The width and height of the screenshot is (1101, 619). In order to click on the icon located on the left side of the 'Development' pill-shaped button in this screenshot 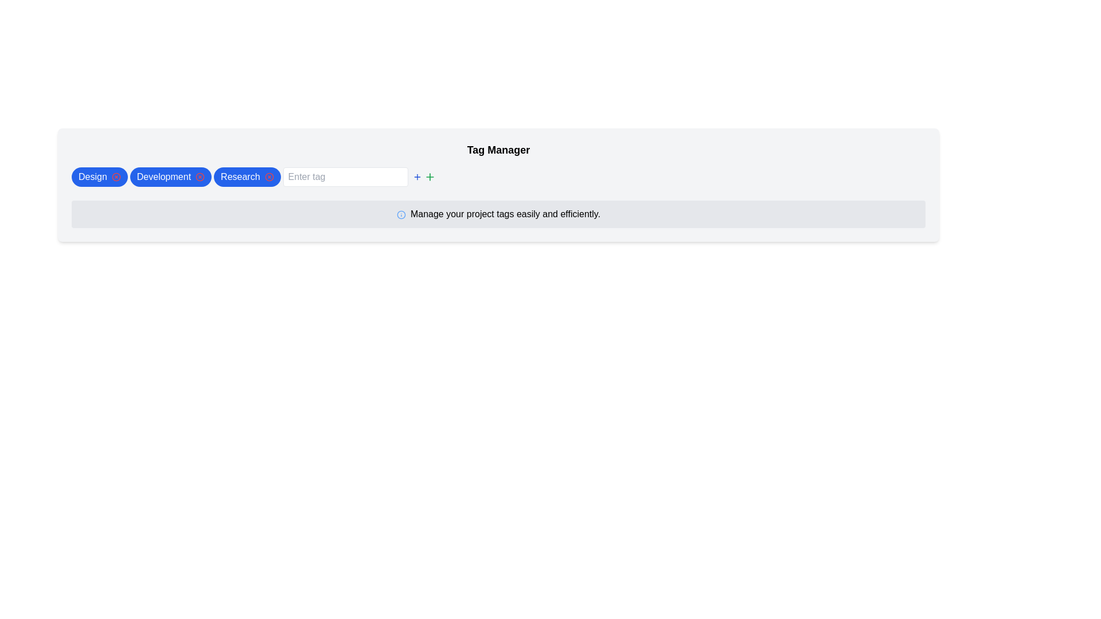, I will do `click(200, 177)`.